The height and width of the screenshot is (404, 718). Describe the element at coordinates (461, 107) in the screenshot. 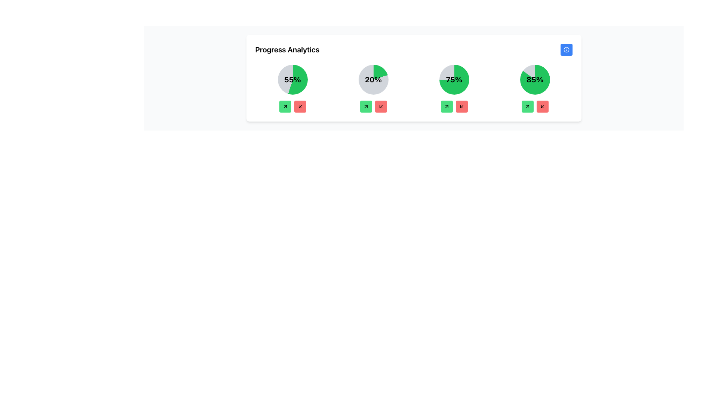

I see `the button located at the bottom right corner of the pie charts` at that location.